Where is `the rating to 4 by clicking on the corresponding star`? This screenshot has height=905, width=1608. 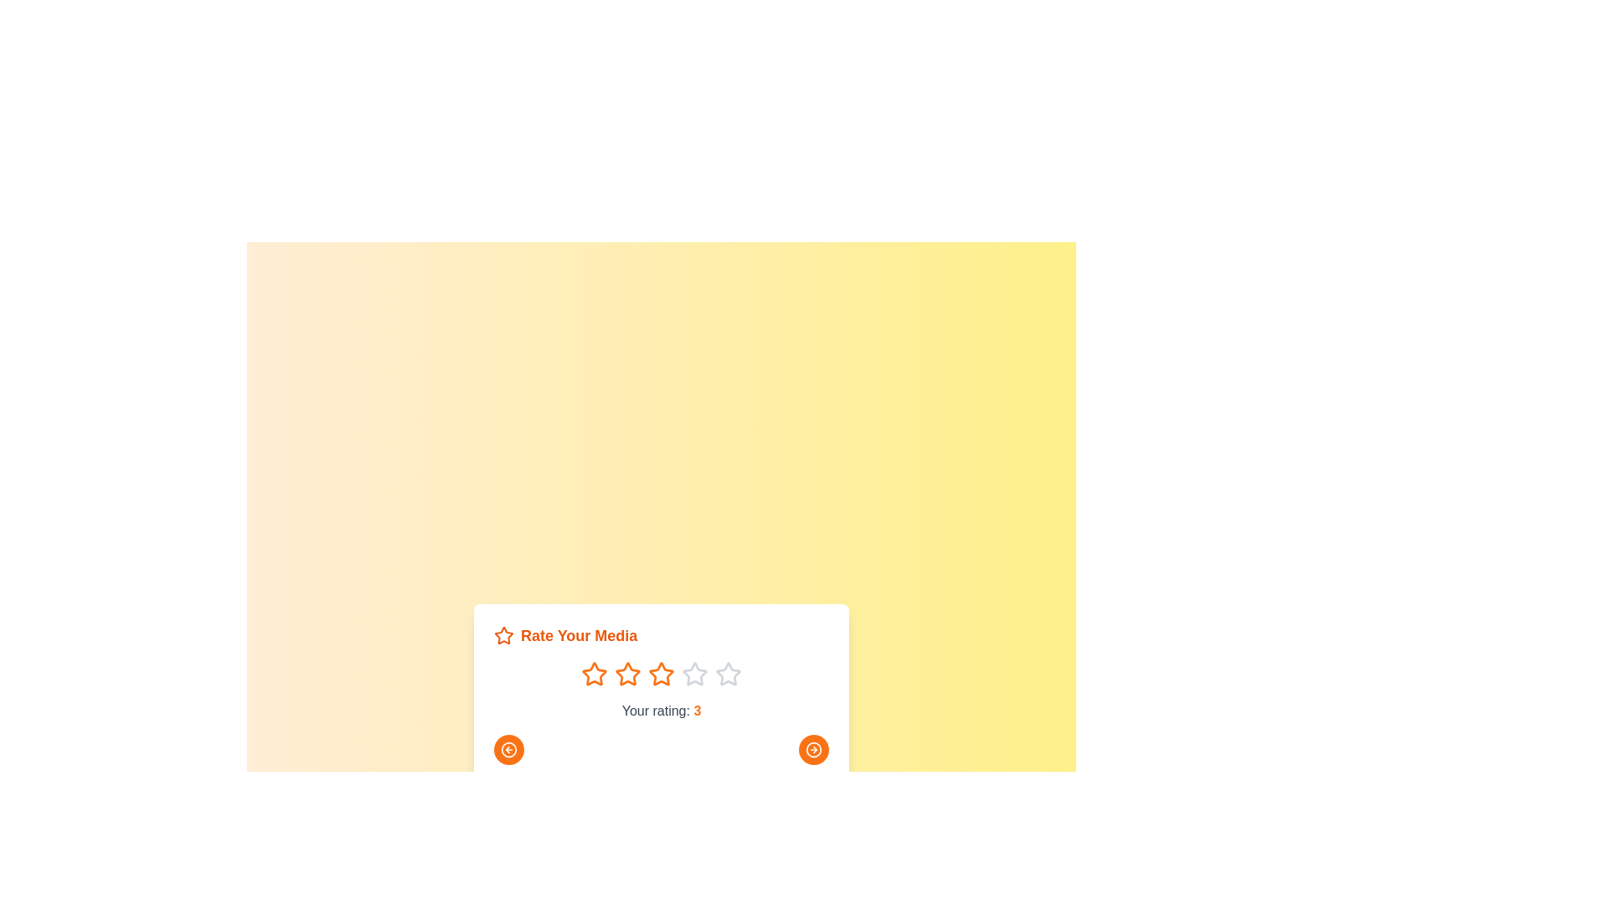 the rating to 4 by clicking on the corresponding star is located at coordinates (695, 674).